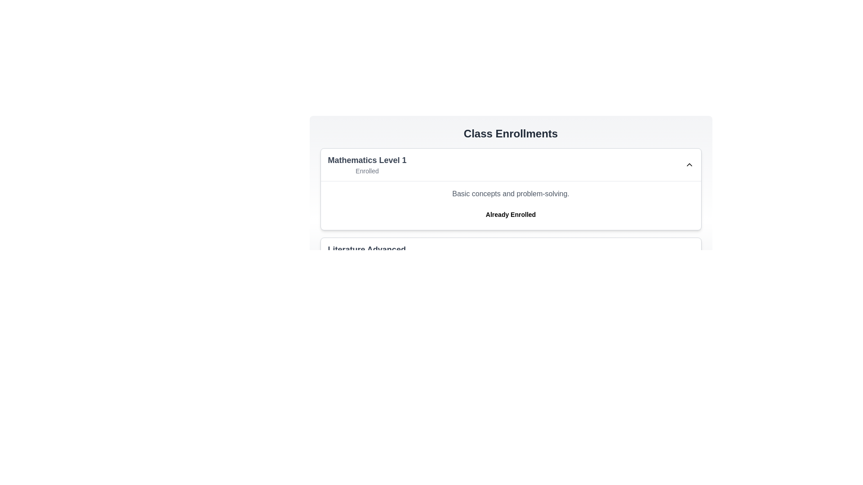 Image resolution: width=863 pixels, height=485 pixels. I want to click on the 'Literature Advanced' button in the class enrollment interface, so click(511, 254).